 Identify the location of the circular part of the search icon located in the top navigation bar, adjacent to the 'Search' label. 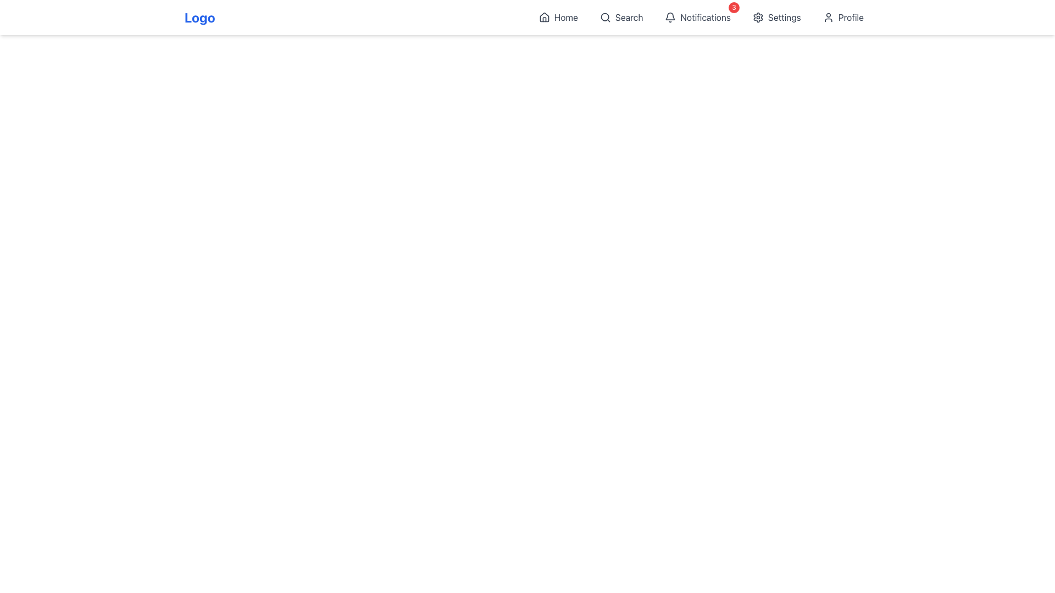
(604, 17).